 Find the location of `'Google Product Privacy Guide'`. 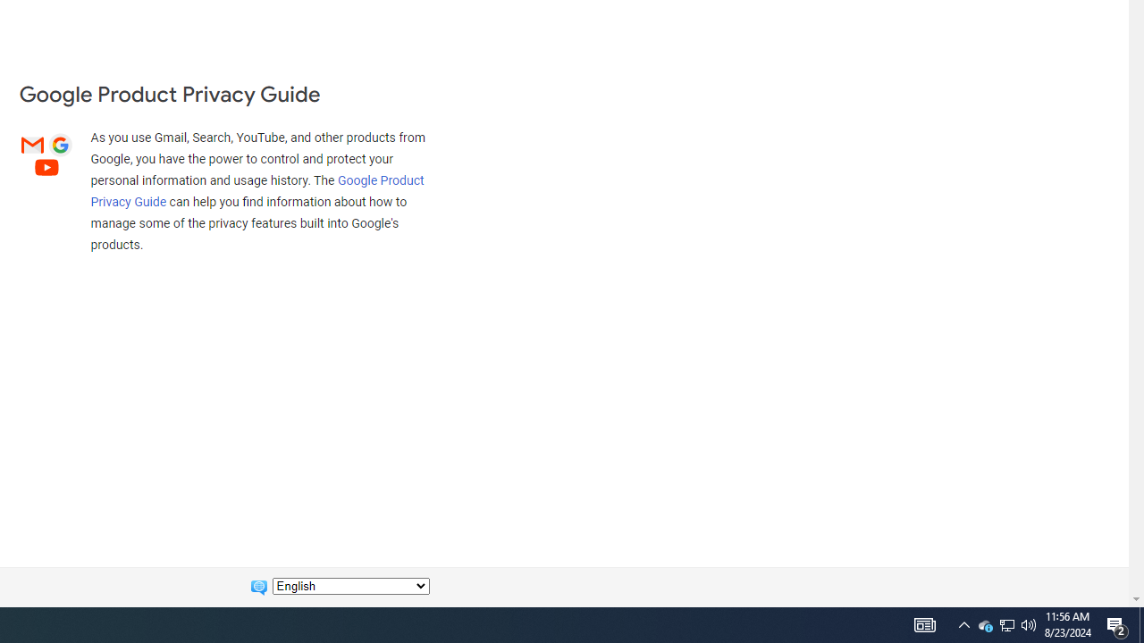

'Google Product Privacy Guide' is located at coordinates (257, 190).